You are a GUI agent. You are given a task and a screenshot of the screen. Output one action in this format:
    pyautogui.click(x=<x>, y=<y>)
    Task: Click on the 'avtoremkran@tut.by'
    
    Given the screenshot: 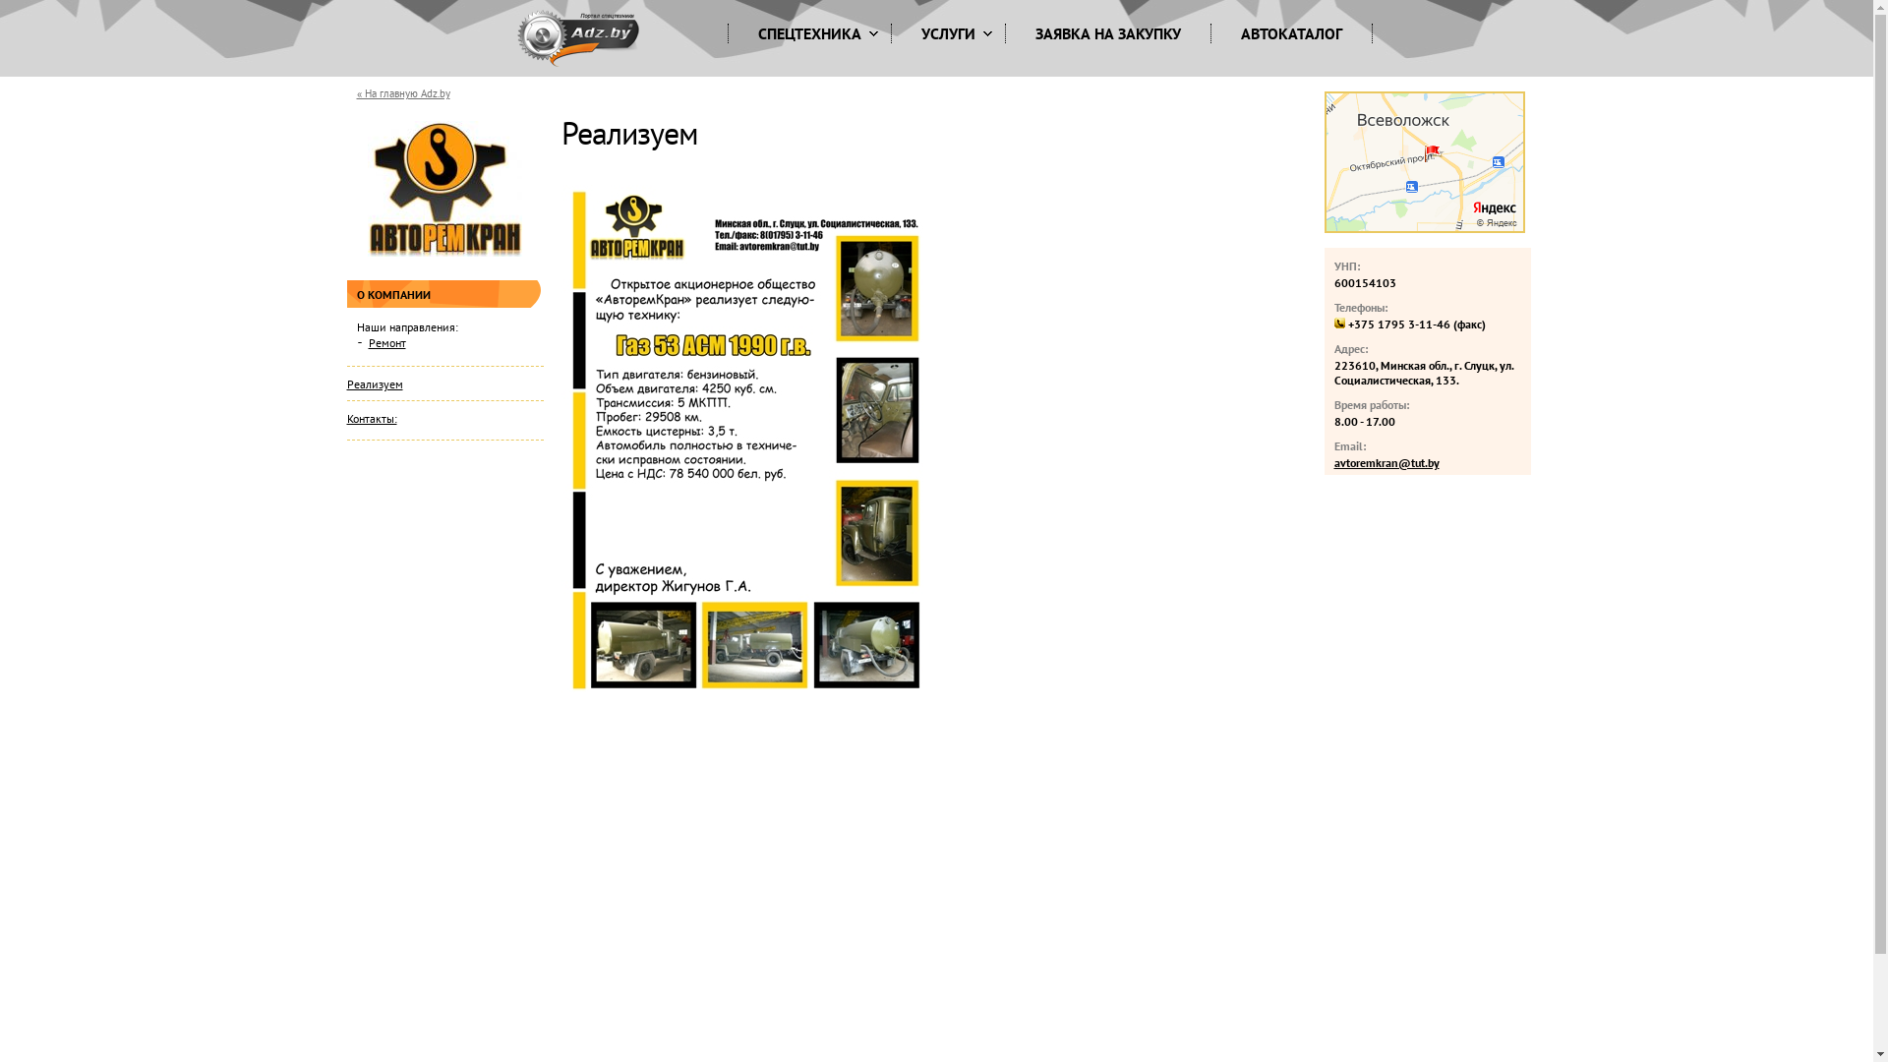 What is the action you would take?
    pyautogui.click(x=1385, y=462)
    